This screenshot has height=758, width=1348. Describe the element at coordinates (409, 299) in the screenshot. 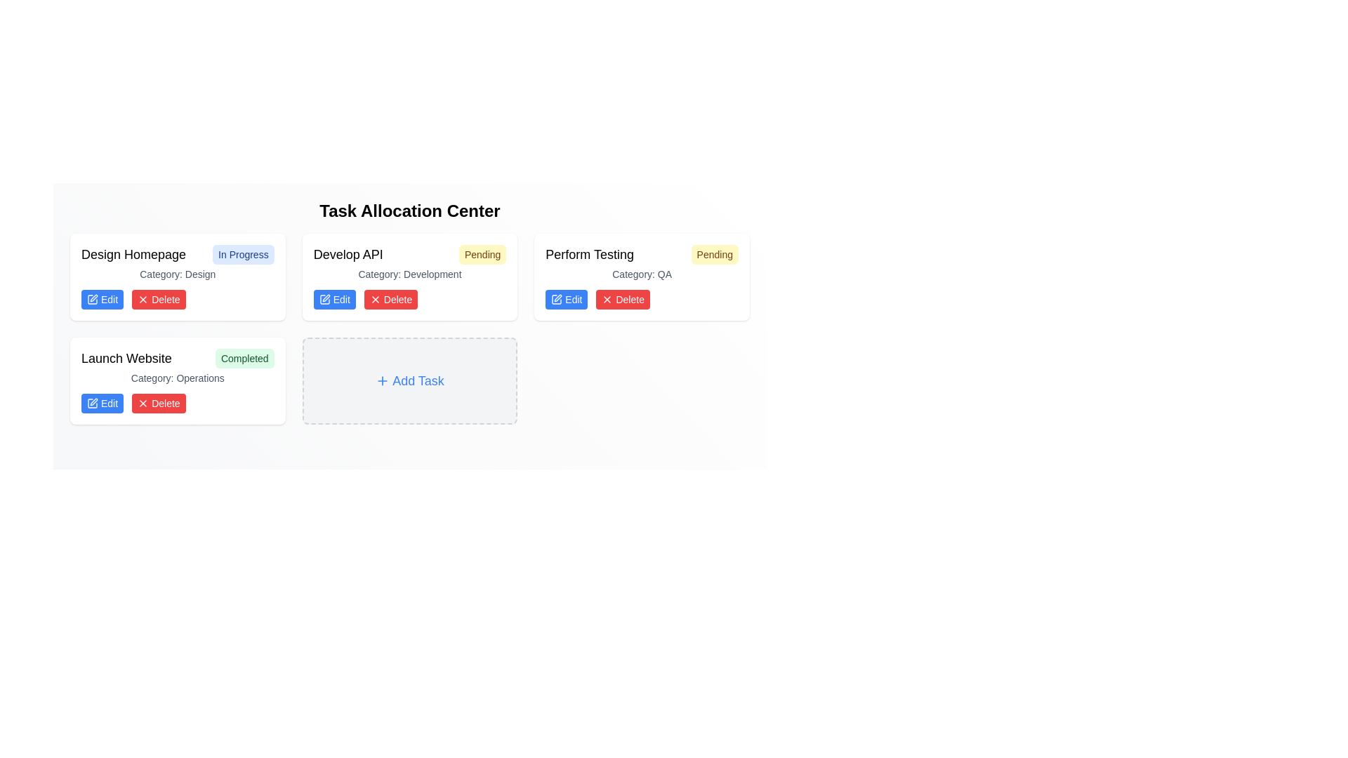

I see `the 'Delete' button in the button group located at the bottom of the third card under the header 'Develop API'` at that location.